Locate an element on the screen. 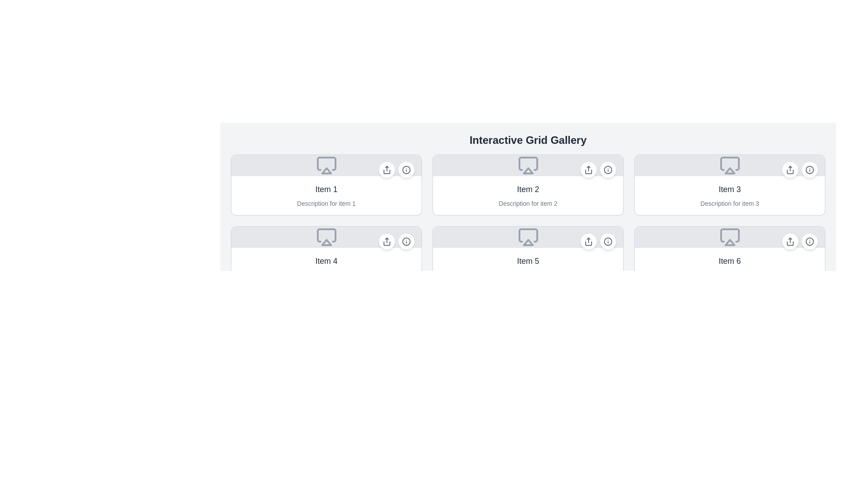  the card titled 'Item 3' is located at coordinates (730, 184).